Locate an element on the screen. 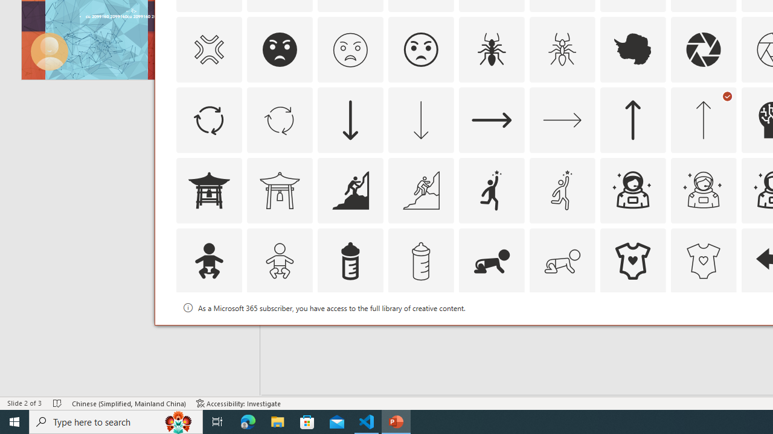  'AutomationID: Icons_AsianTemple1_M' is located at coordinates (279, 190).